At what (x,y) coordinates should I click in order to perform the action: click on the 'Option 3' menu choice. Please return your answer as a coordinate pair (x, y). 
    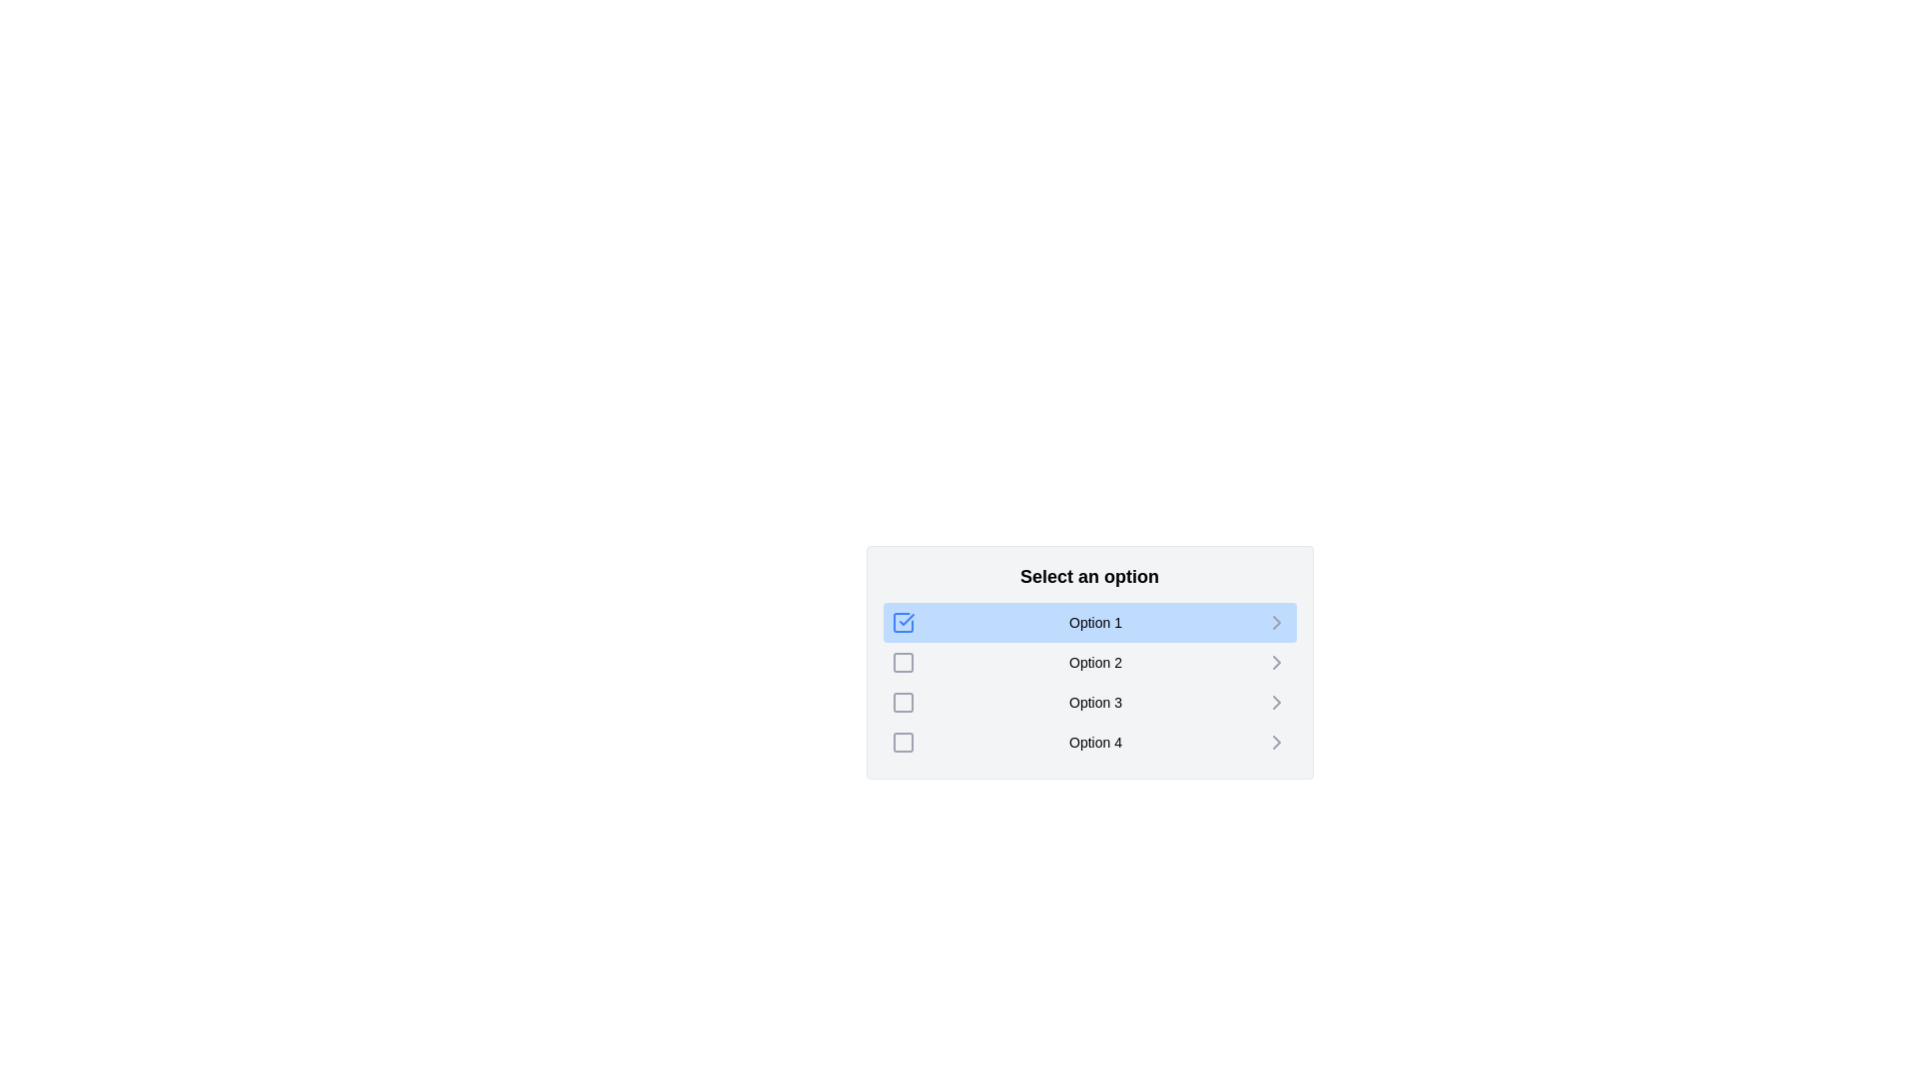
    Looking at the image, I should click on (1088, 702).